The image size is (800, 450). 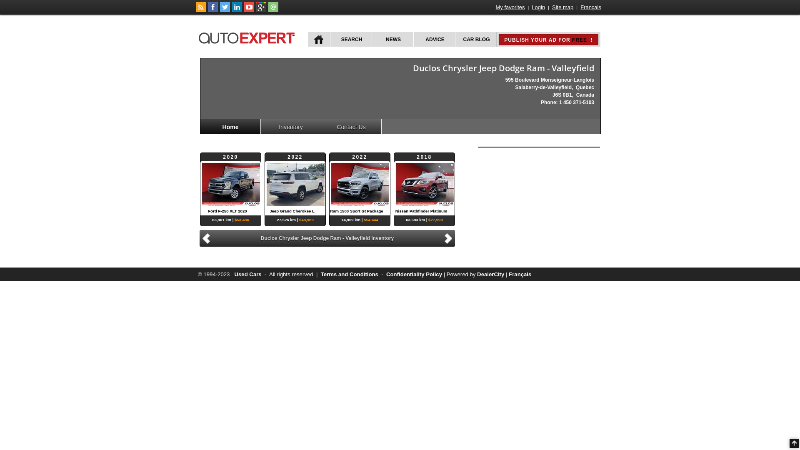 I want to click on 'Home', so click(x=230, y=126).